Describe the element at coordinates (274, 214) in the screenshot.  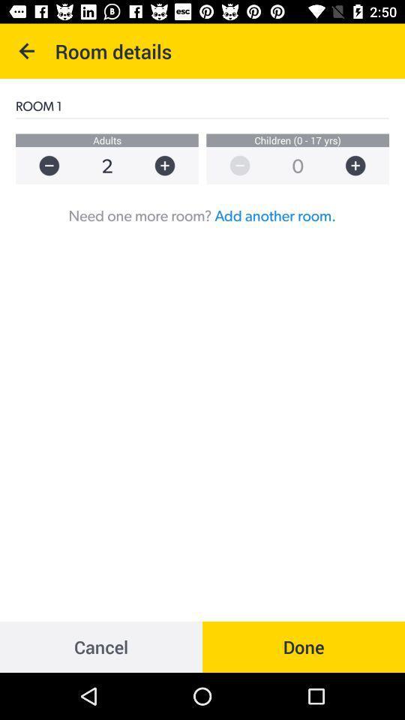
I see `the add another room. item` at that location.